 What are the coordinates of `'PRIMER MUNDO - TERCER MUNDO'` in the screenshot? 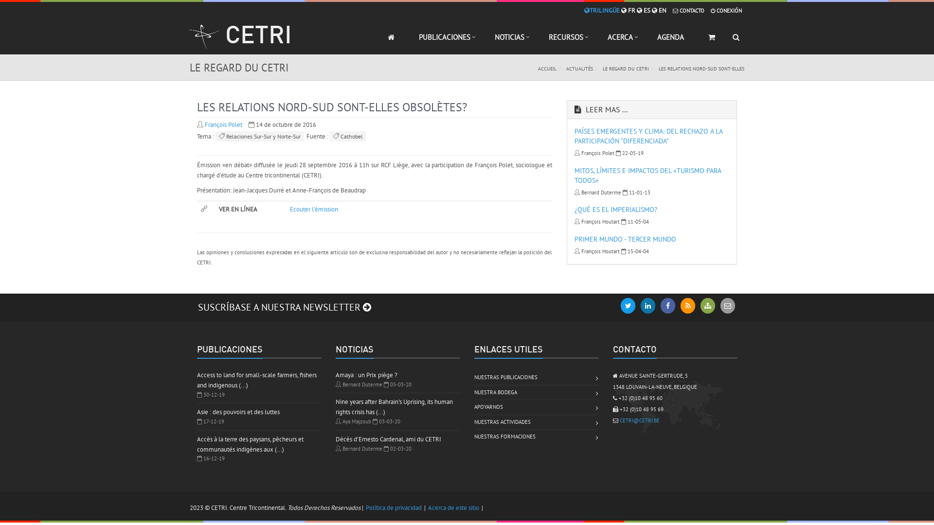 It's located at (625, 239).